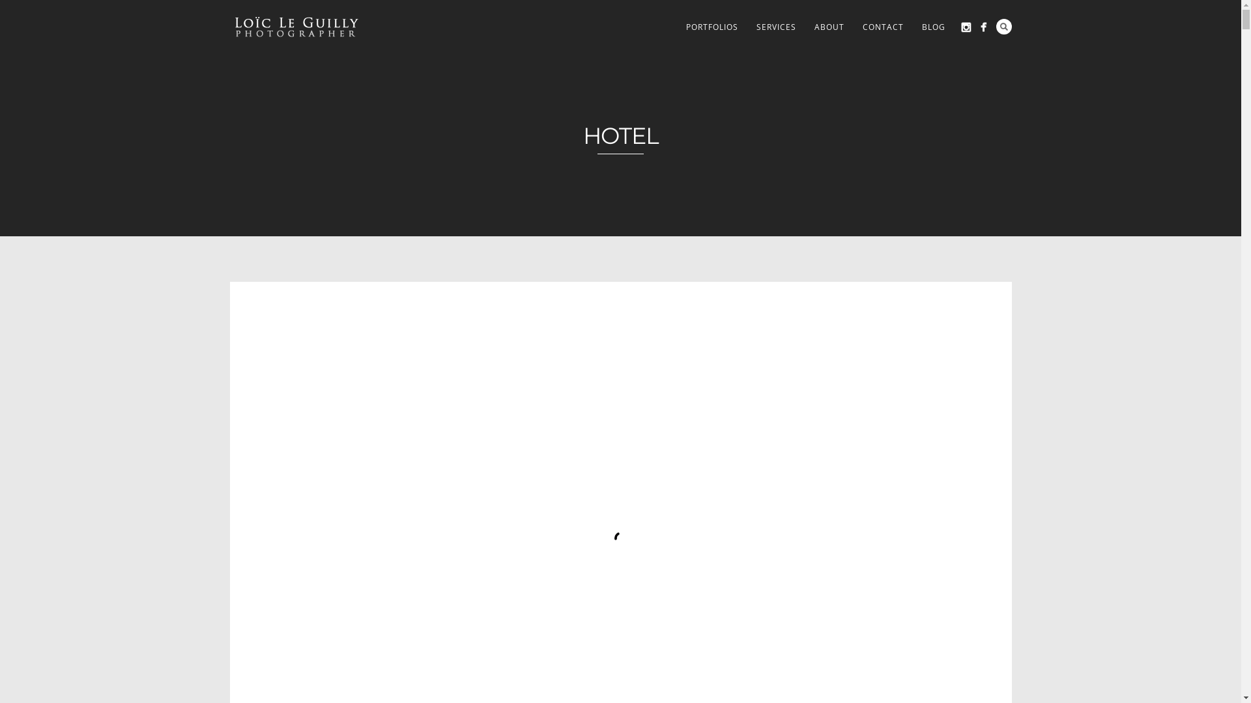 This screenshot has height=703, width=1251. I want to click on 'Search', so click(1003, 27).